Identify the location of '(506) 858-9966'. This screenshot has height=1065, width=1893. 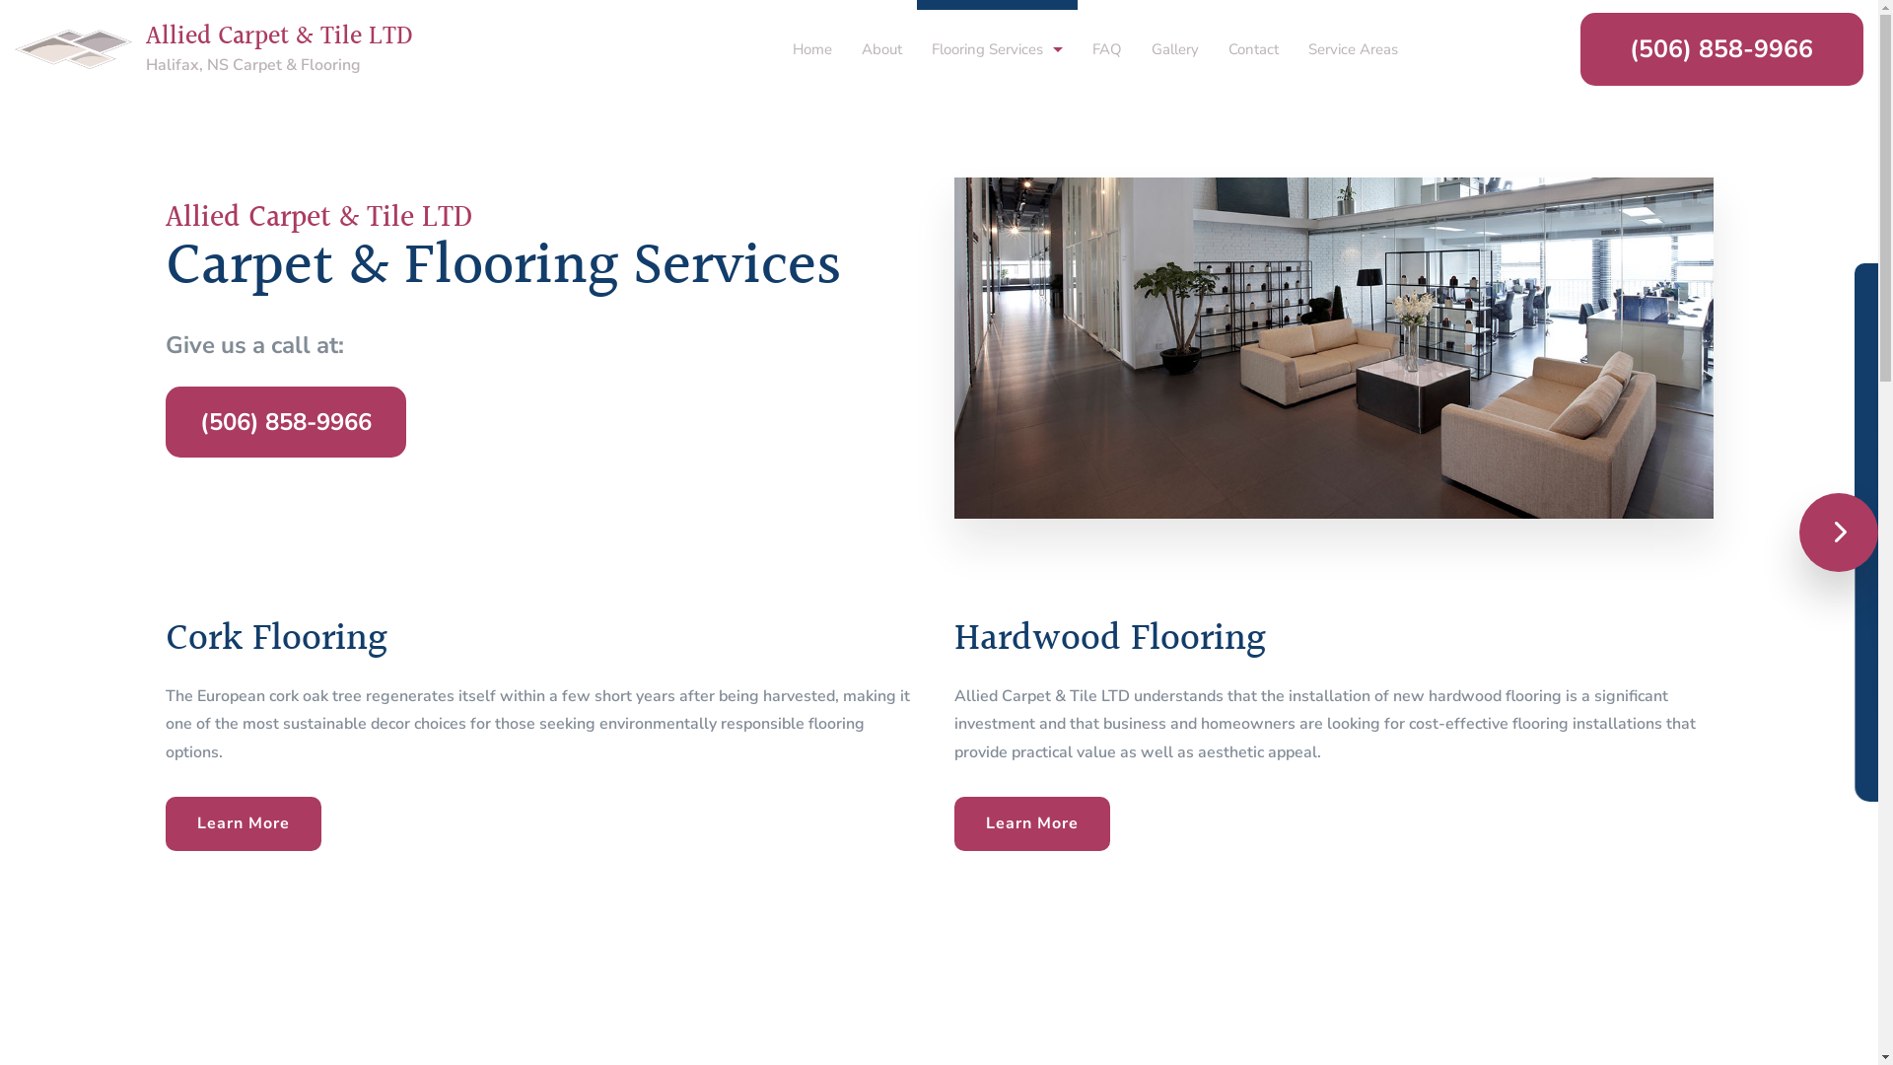
(284, 421).